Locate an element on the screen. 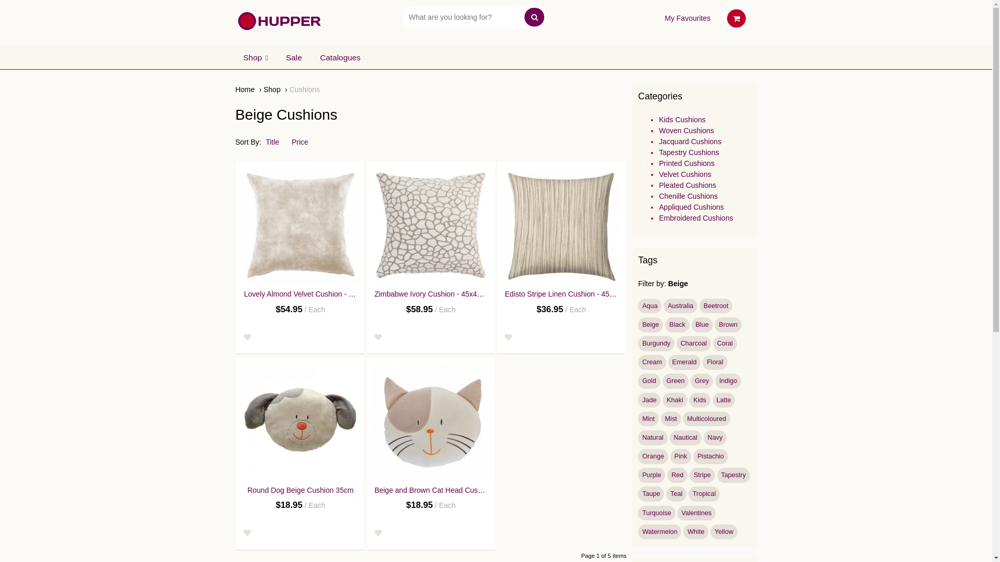  'Woven Cushions' is located at coordinates (686, 130).